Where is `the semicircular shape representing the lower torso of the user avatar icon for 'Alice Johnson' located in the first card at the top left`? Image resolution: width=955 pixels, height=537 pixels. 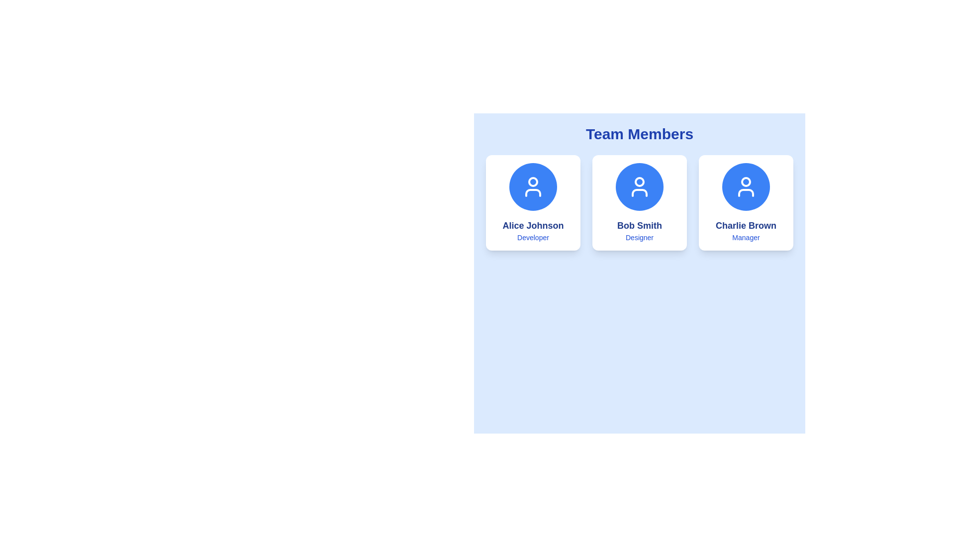
the semicircular shape representing the lower torso of the user avatar icon for 'Alice Johnson' located in the first card at the top left is located at coordinates (532, 193).